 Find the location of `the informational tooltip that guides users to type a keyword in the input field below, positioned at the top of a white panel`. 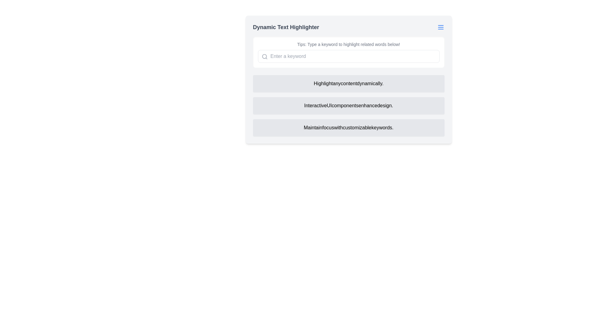

the informational tooltip that guides users to type a keyword in the input field below, positioned at the top of a white panel is located at coordinates (348, 44).